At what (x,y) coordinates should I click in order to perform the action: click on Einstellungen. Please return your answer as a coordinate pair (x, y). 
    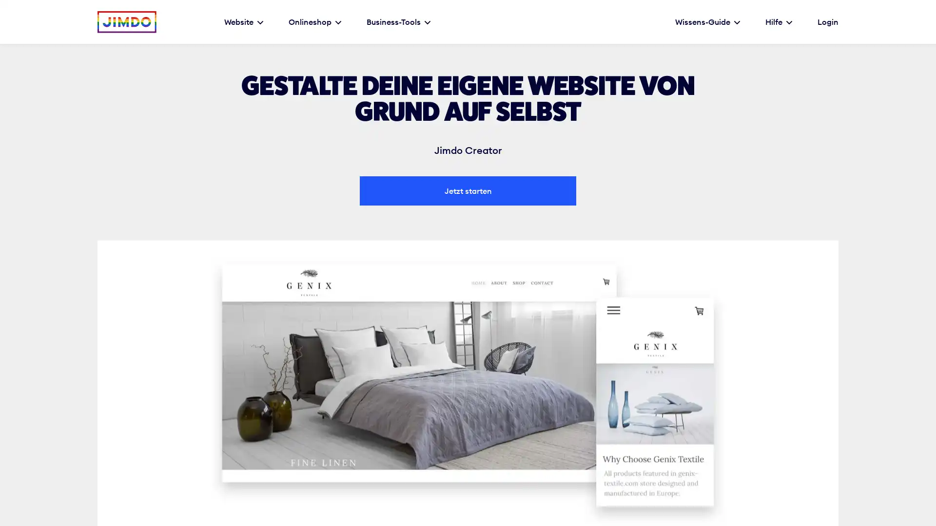
    Looking at the image, I should click on (132, 498).